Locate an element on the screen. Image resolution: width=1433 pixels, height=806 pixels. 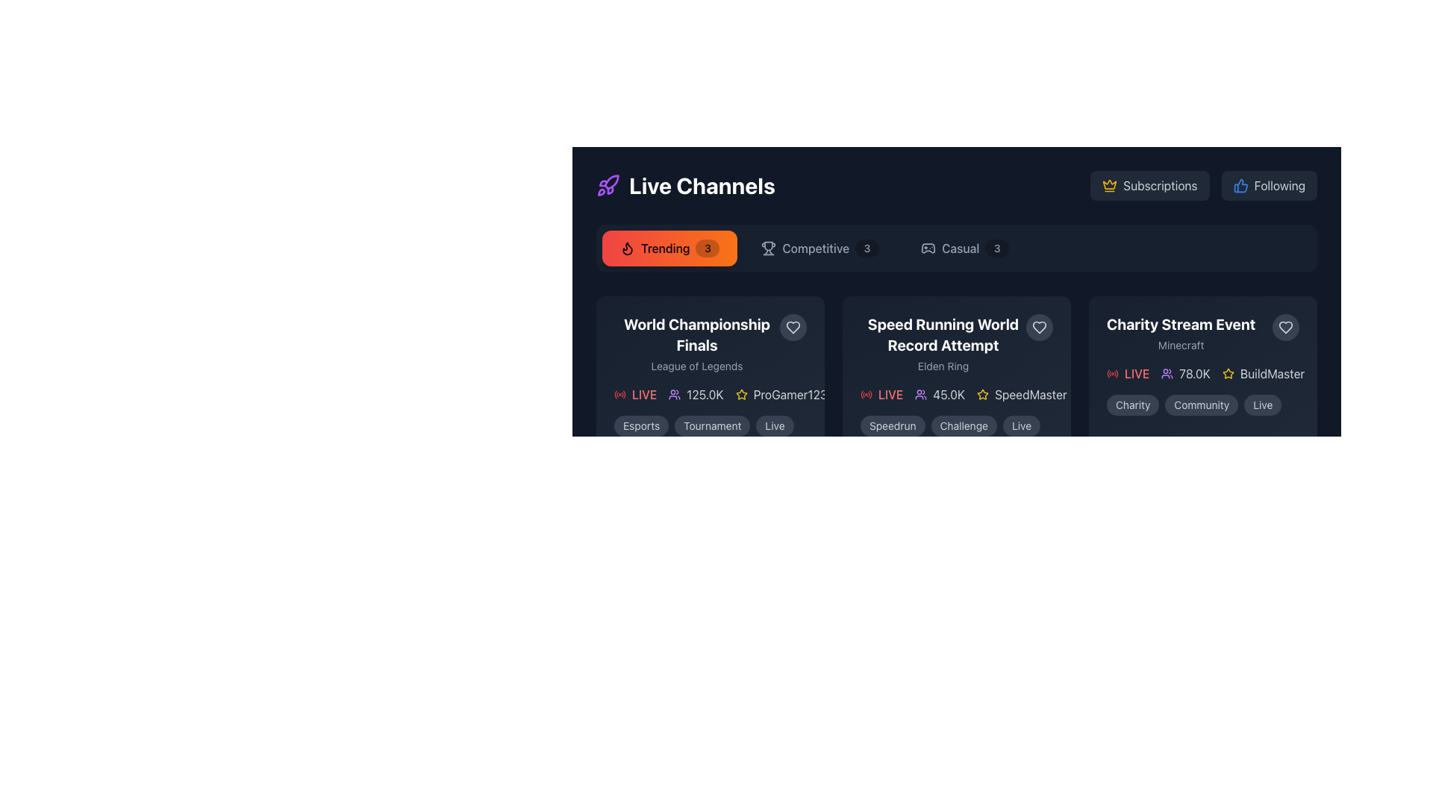
the non-interactive text label indicating the name of the game within the second card below the title 'Speed Running World Record Attempt' is located at coordinates (942, 366).